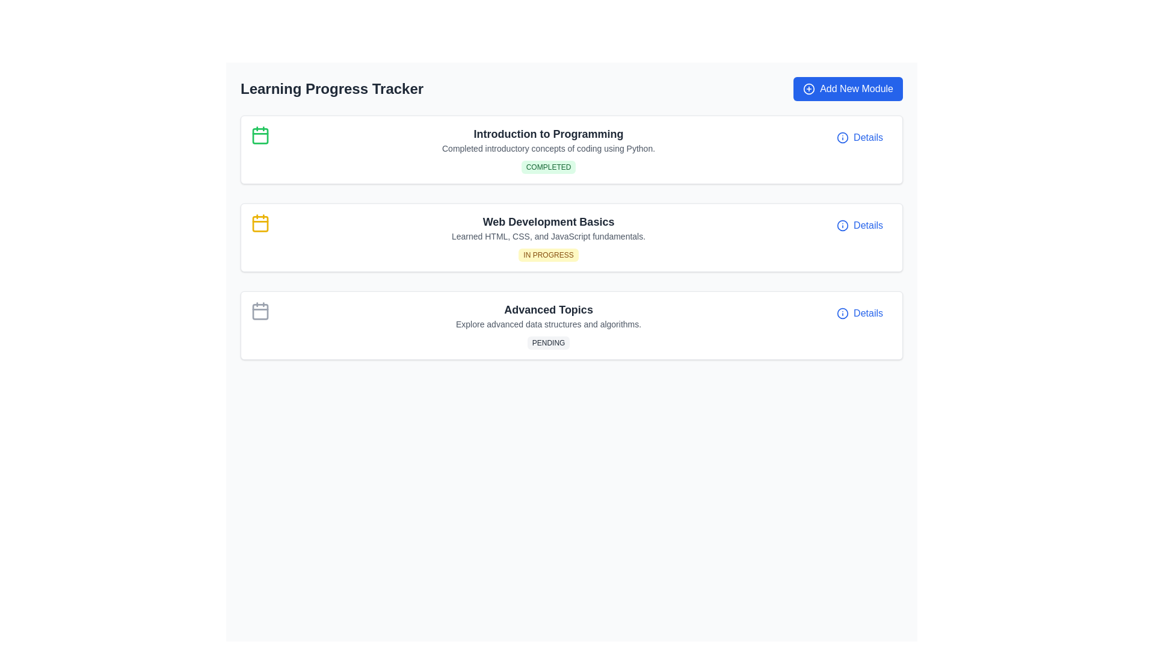 This screenshot has height=650, width=1155. I want to click on the Information Card titled 'Introduction to Programming' which contains a green badge labeled 'COMPLETED'. This card is the topmost in a vertically stacked list on the page, so click(548, 149).